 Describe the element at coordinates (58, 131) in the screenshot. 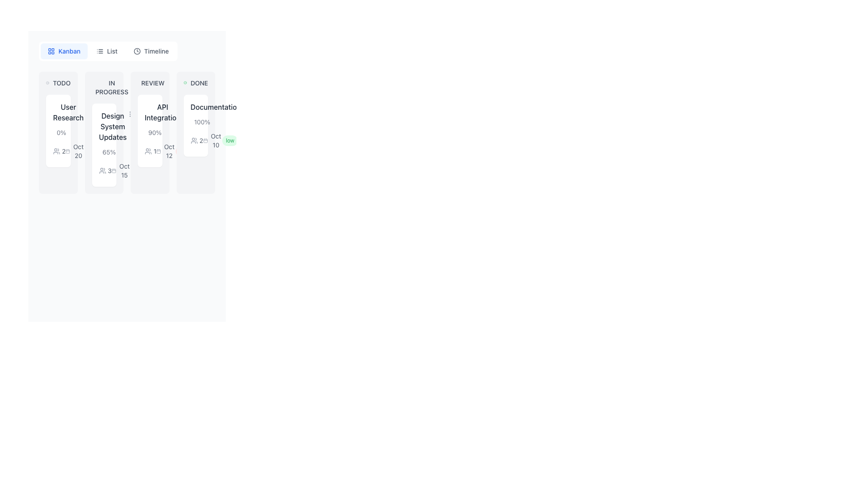

I see `the card with the title 'User Research' located under the 'TODO' column in the Kanban interface` at that location.